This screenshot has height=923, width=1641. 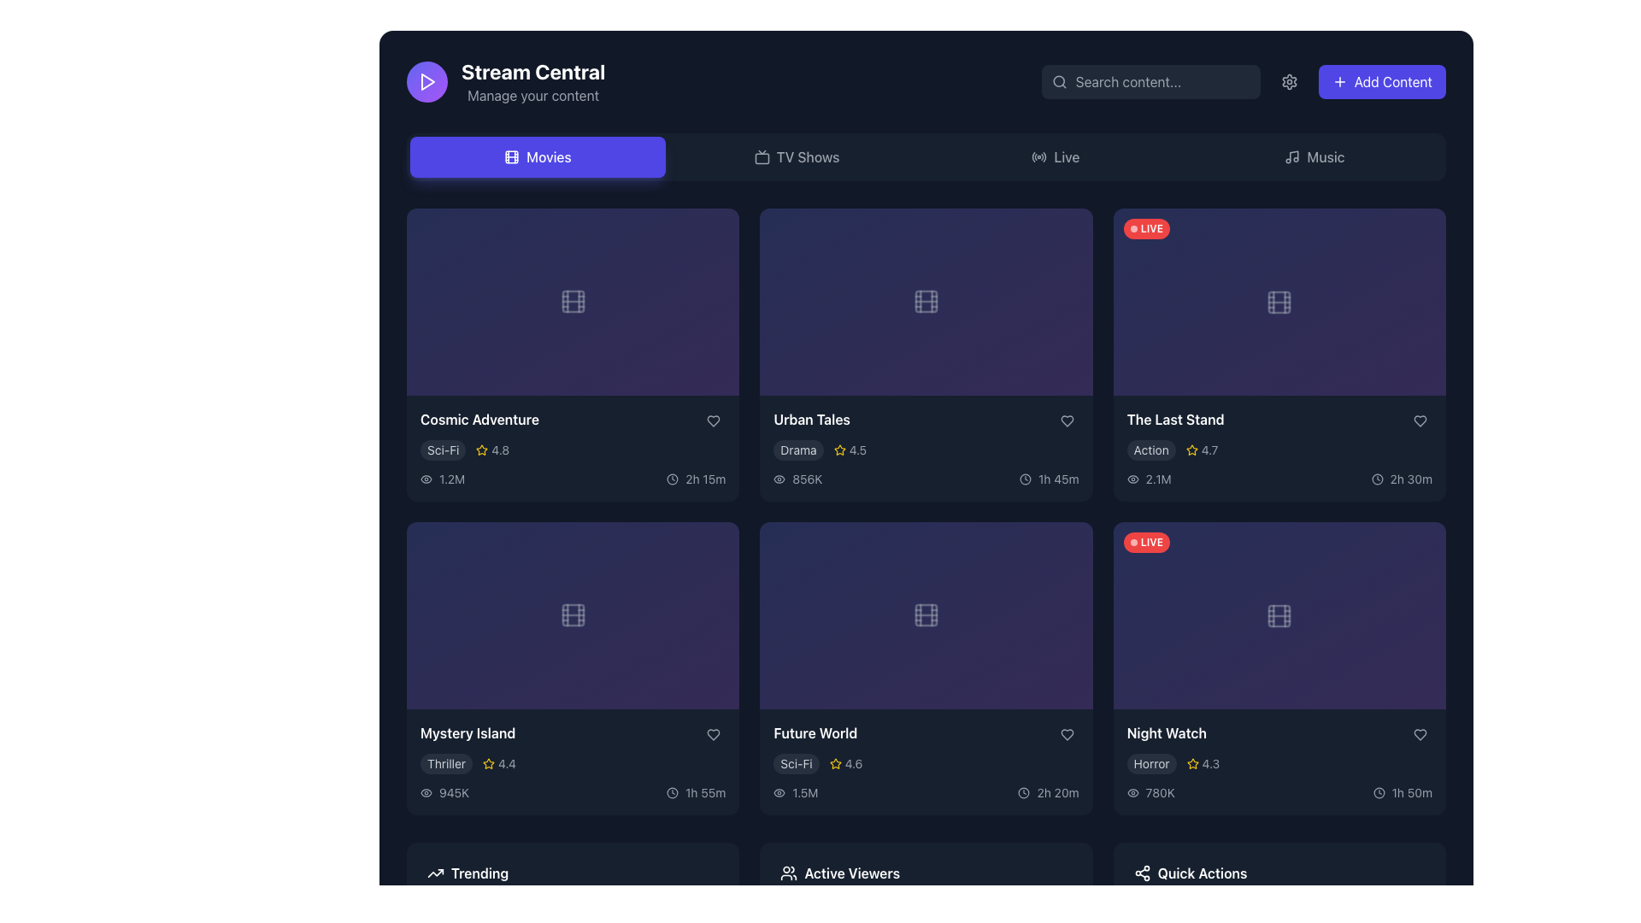 I want to click on the visibility icon located within the 'Urban Tales' media card, positioned to the left of the numerical value '856K', so click(x=779, y=479).